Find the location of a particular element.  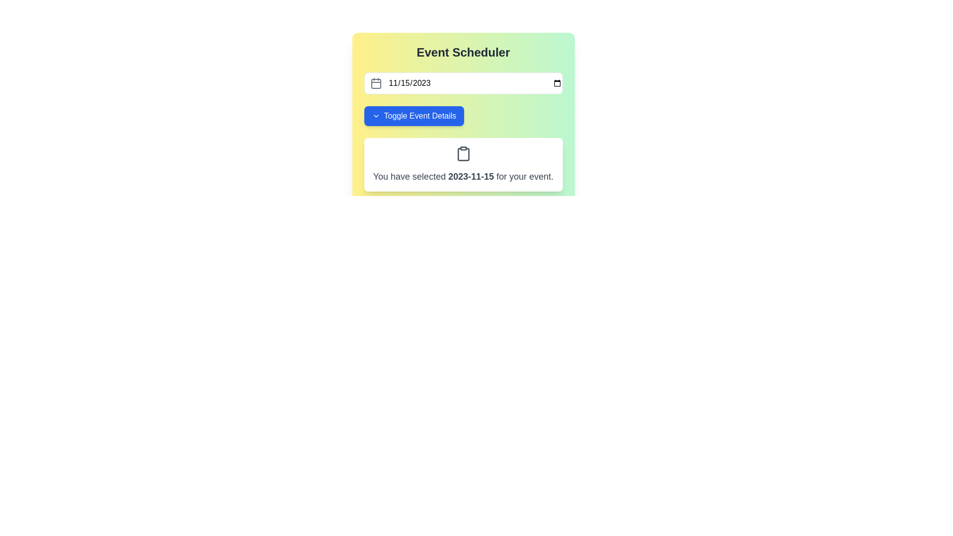

the clipboard icon, which is a minimalistic gray SVG element located above the text in a dialog section, within a white rounded card is located at coordinates (463, 153).